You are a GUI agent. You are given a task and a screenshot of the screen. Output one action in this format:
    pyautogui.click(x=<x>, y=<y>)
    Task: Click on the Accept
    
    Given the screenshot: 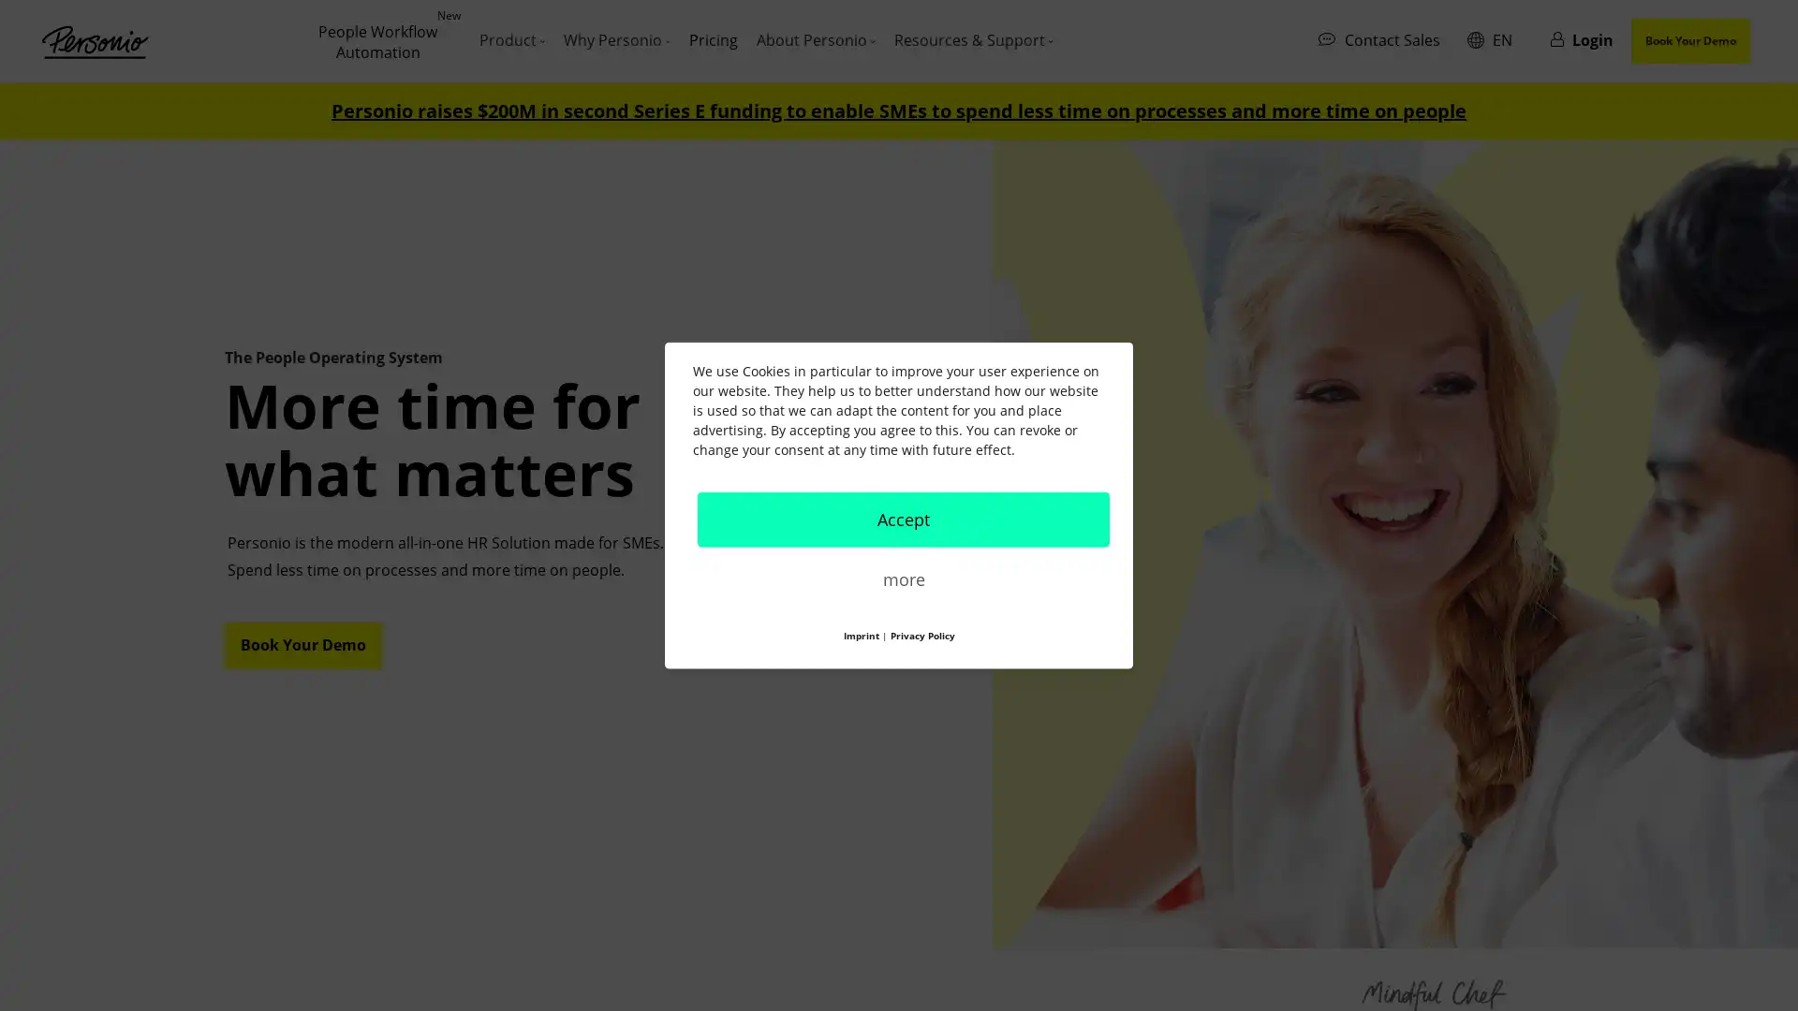 What is the action you would take?
    pyautogui.click(x=903, y=519)
    